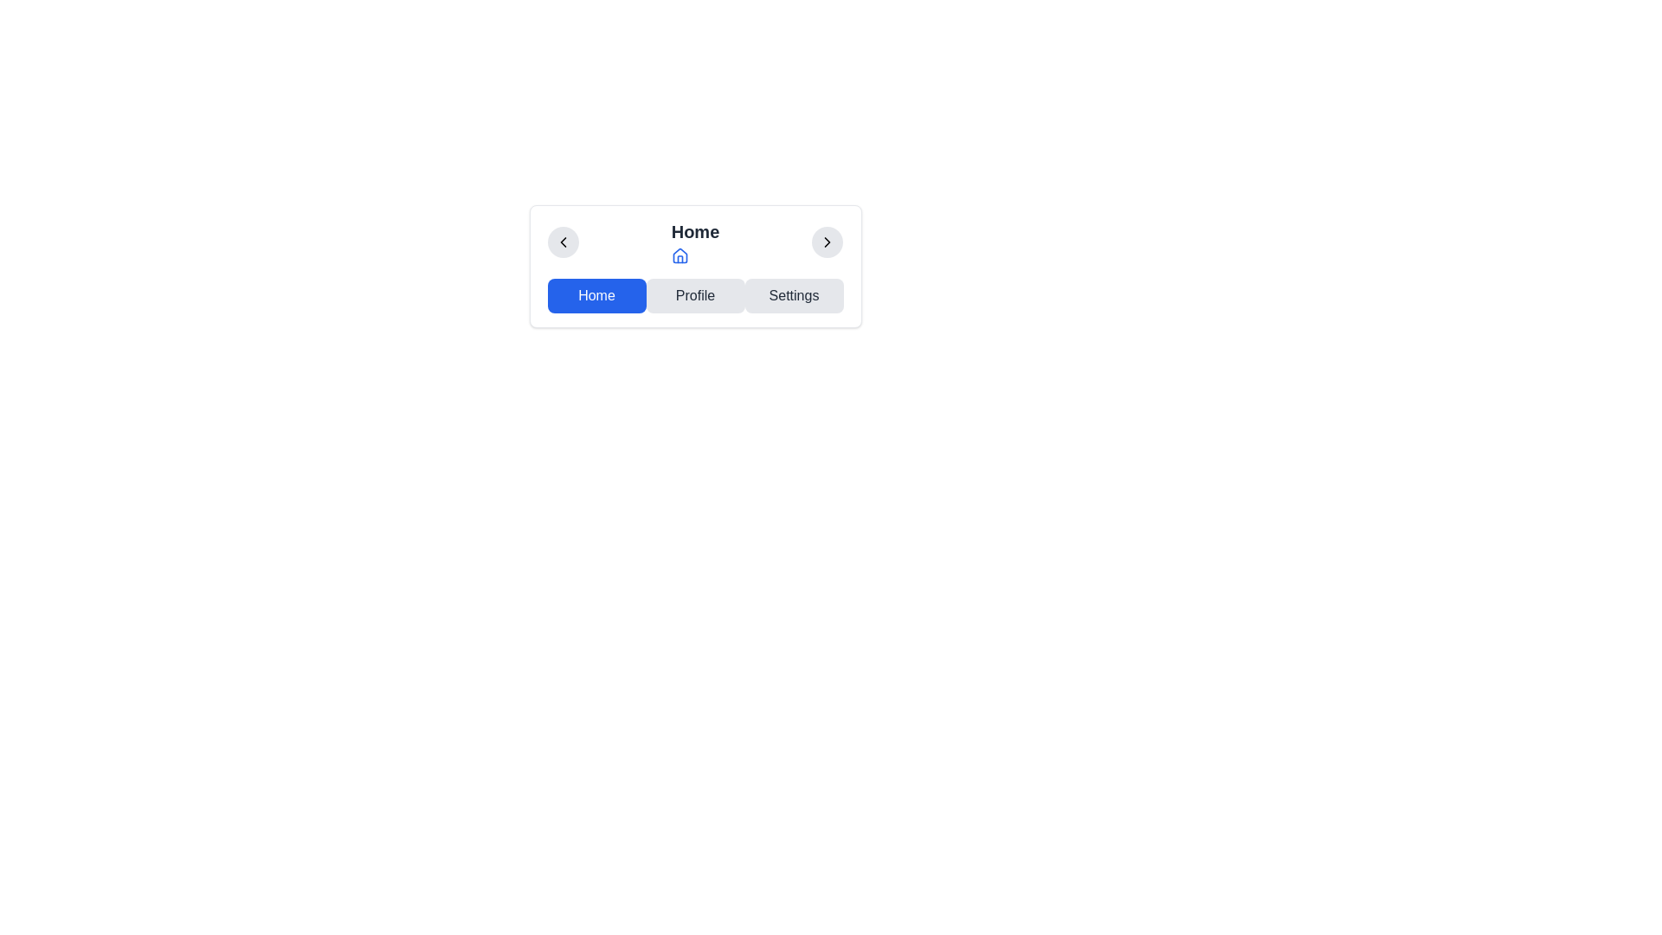  What do you see at coordinates (695, 242) in the screenshot?
I see `the Label with navigation icons that features bold 'Home' text and a house-shaped icon, flanked by left and right chevron buttons` at bounding box center [695, 242].